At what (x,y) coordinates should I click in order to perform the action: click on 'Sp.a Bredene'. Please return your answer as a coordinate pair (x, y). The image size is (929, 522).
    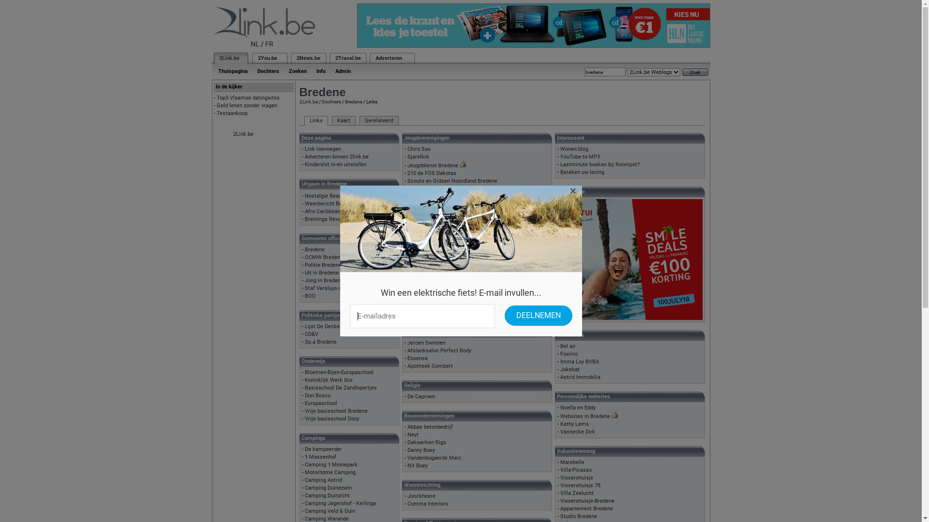
    Looking at the image, I should click on (304, 341).